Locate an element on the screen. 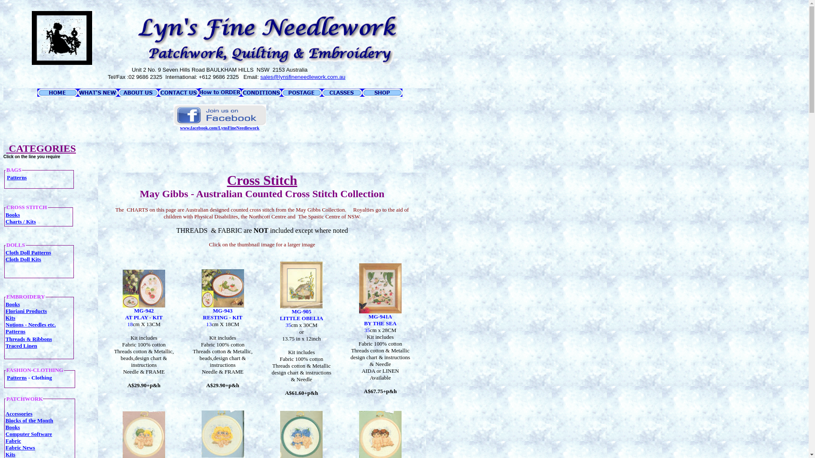 The height and width of the screenshot is (458, 815). 'Patterns' is located at coordinates (15, 331).